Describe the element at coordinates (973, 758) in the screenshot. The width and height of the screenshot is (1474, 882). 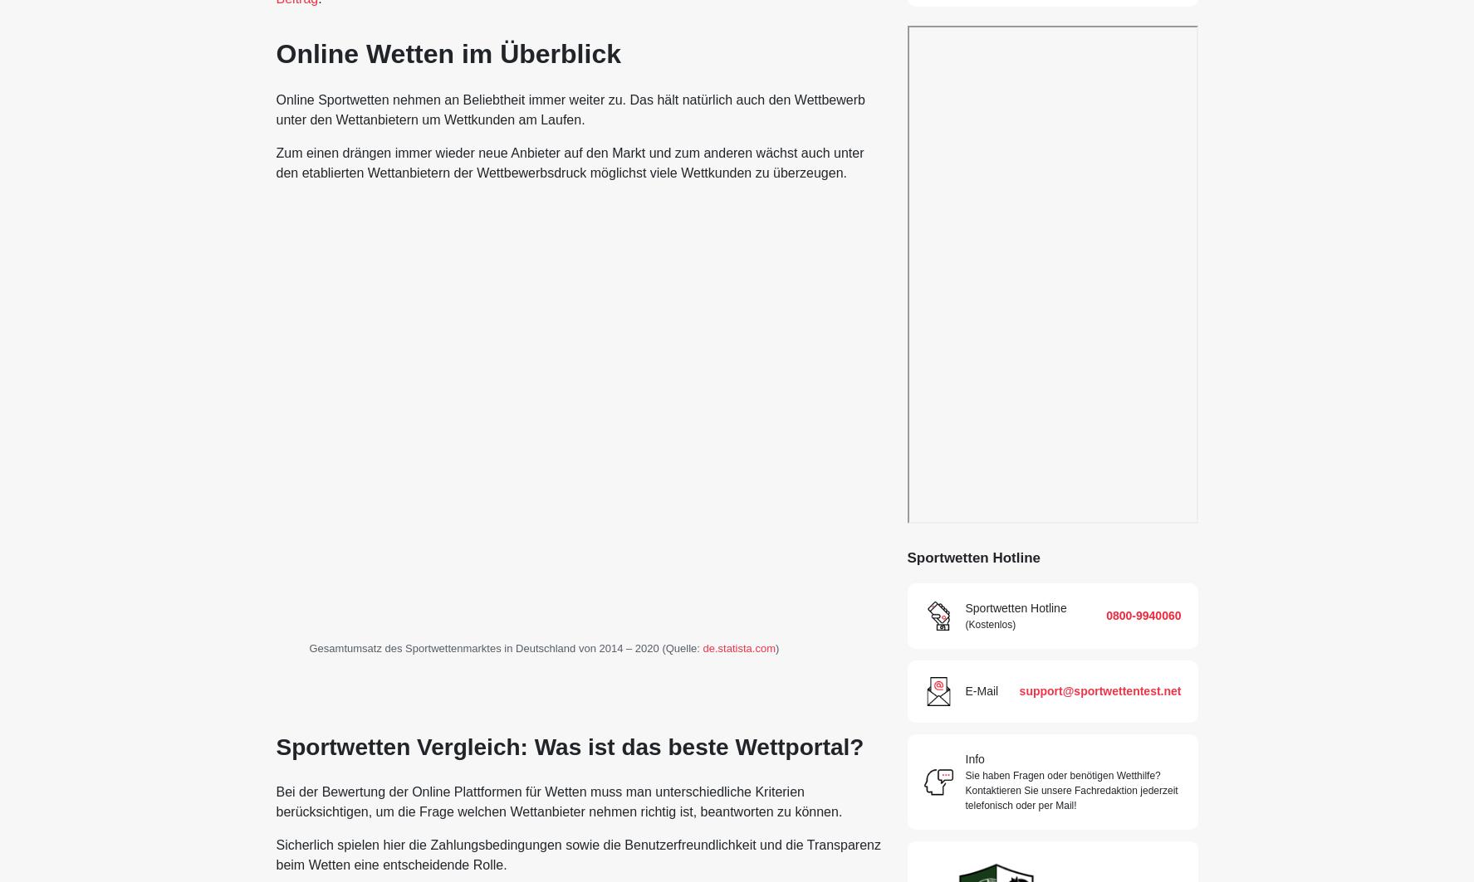
I see `'Info'` at that location.